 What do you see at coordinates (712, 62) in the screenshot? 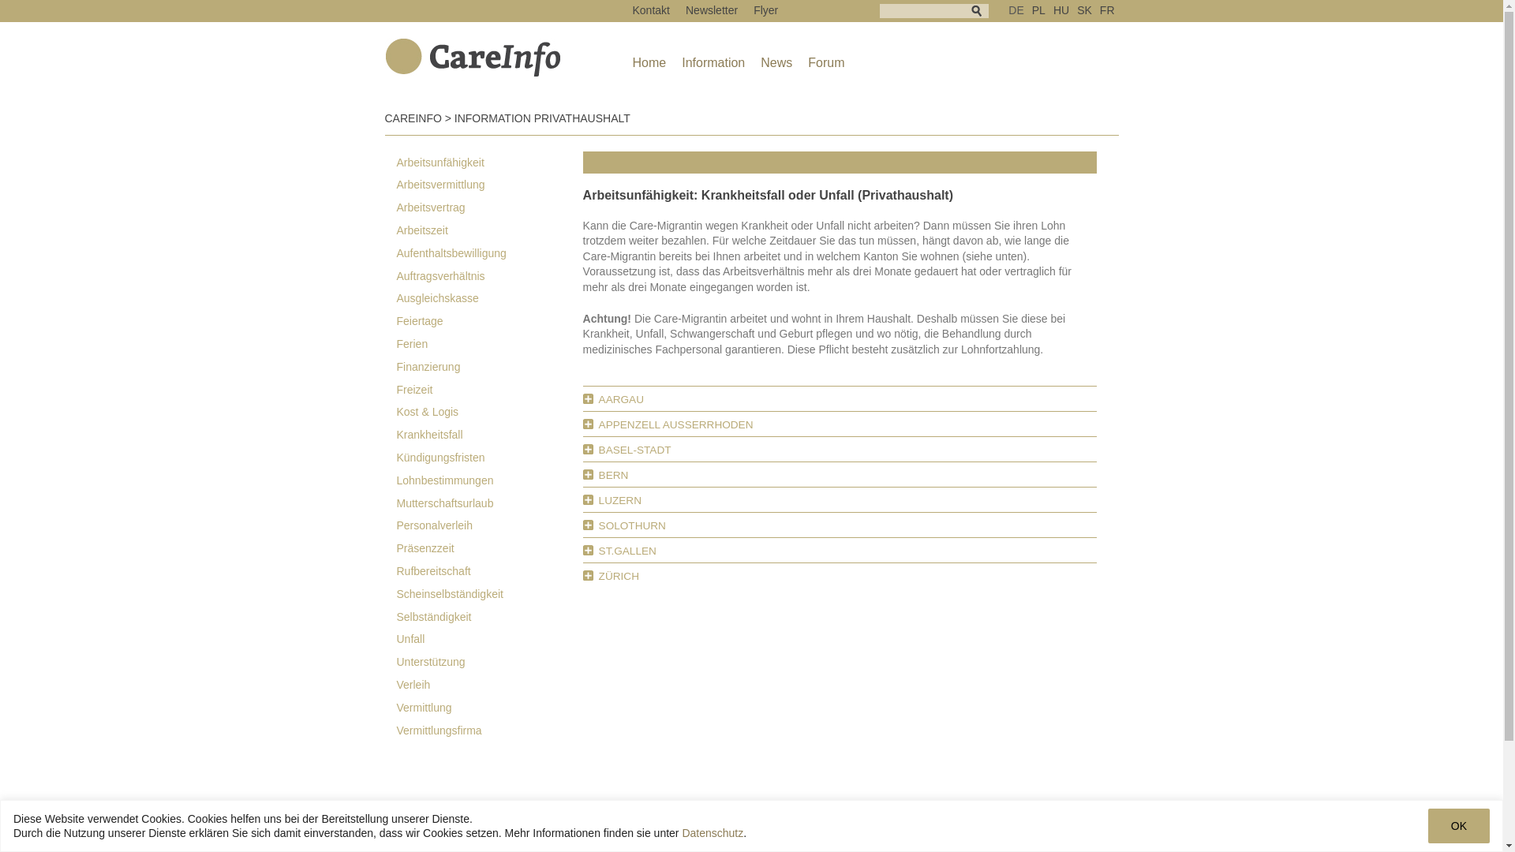
I see `'Information'` at bounding box center [712, 62].